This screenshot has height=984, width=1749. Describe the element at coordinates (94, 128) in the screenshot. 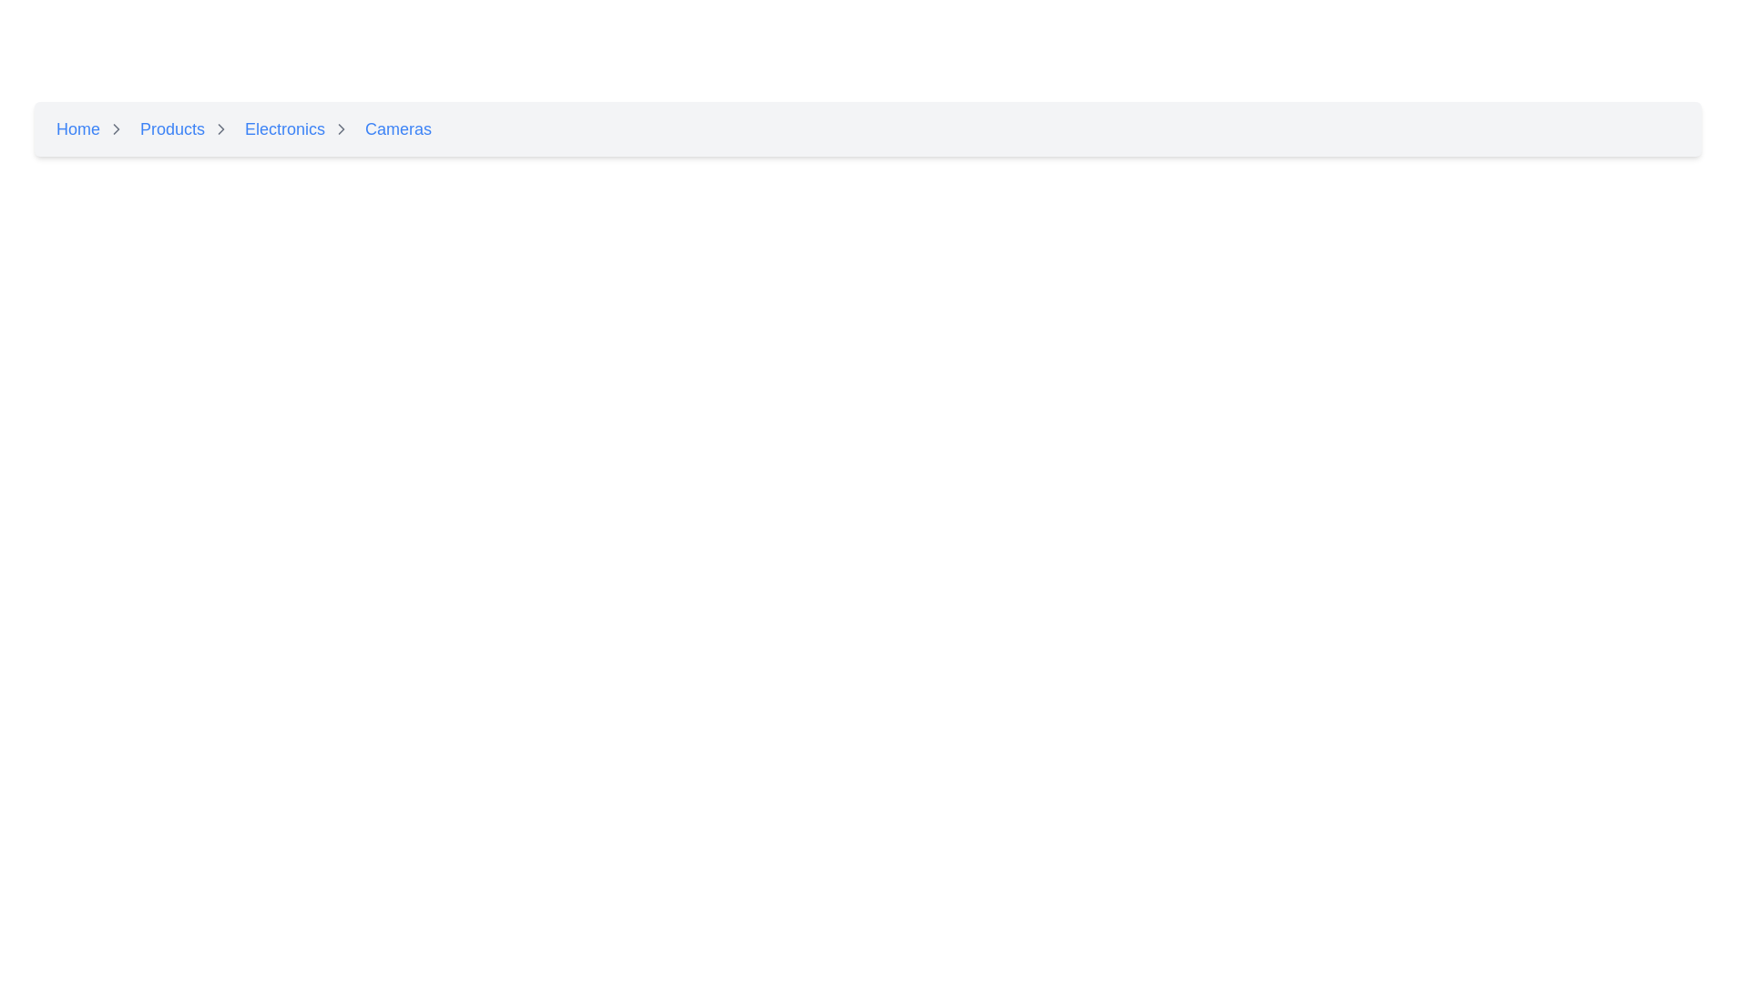

I see `the first breadcrumb item` at that location.